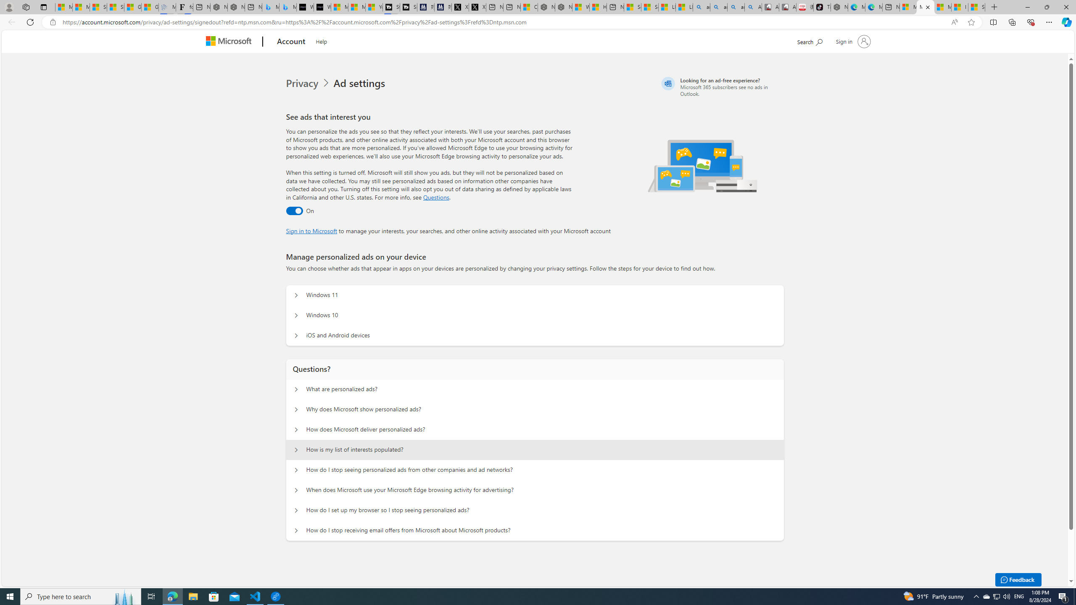 The width and height of the screenshot is (1076, 605). Describe the element at coordinates (115, 7) in the screenshot. I see `'Shanghai, China weather forecast | Microsoft Weather'` at that location.